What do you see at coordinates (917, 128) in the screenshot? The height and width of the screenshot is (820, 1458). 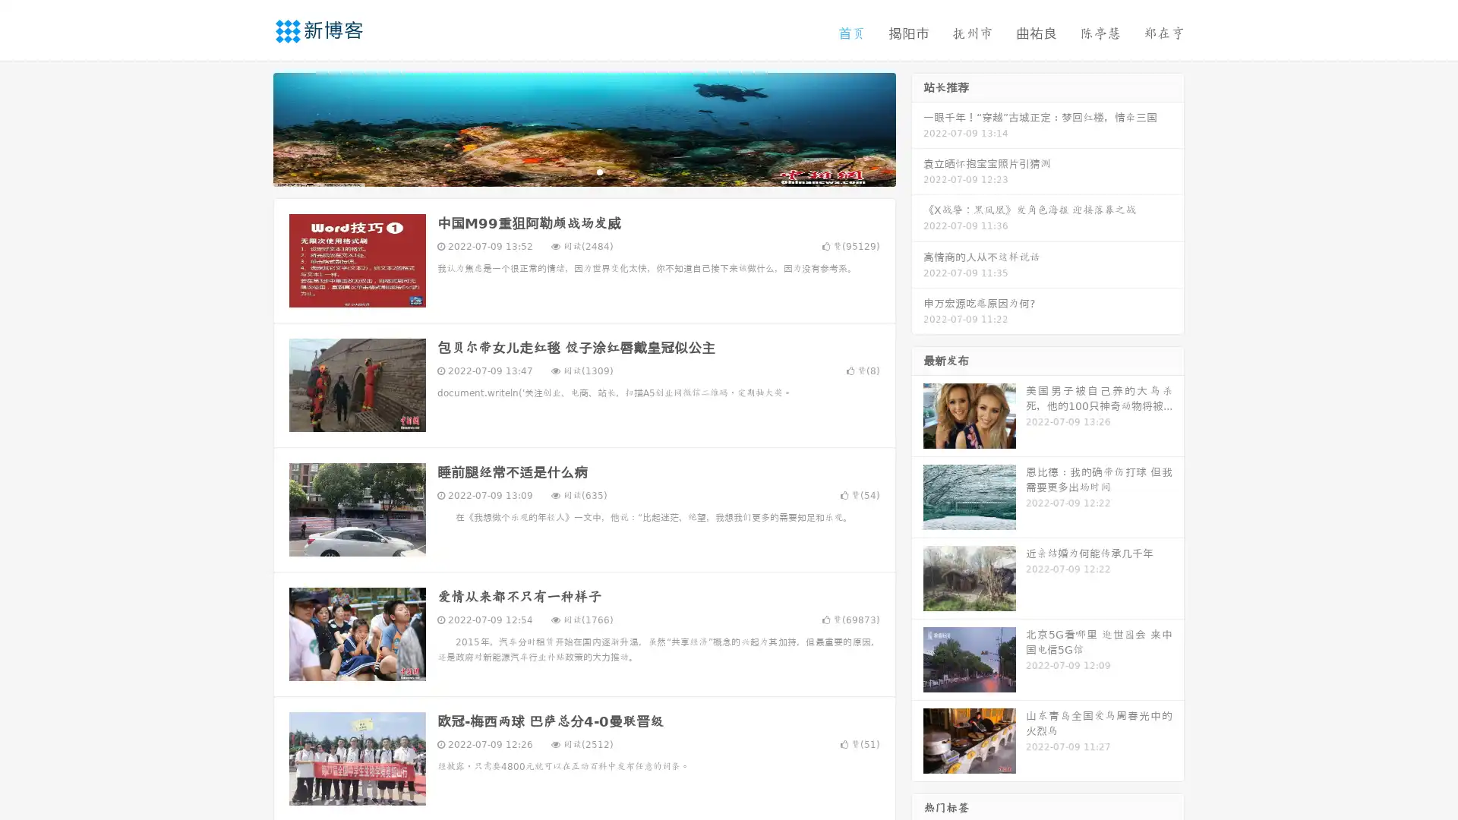 I see `Next slide` at bounding box center [917, 128].